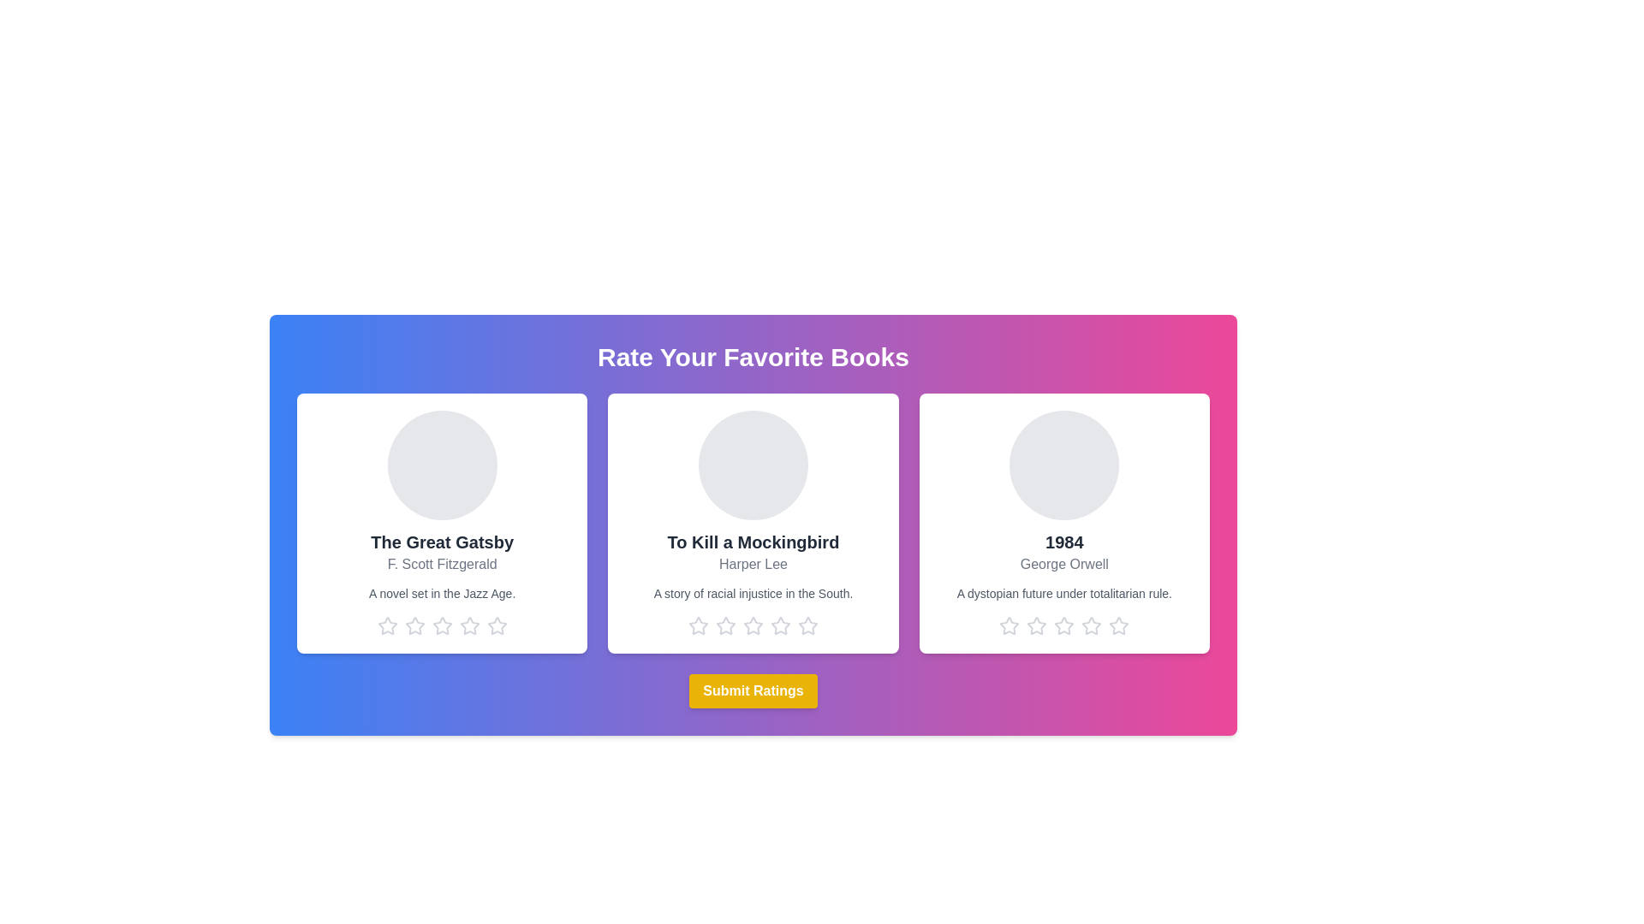  Describe the element at coordinates (469, 626) in the screenshot. I see `the star corresponding to 4 stars for the book titled The Great Gatsby` at that location.